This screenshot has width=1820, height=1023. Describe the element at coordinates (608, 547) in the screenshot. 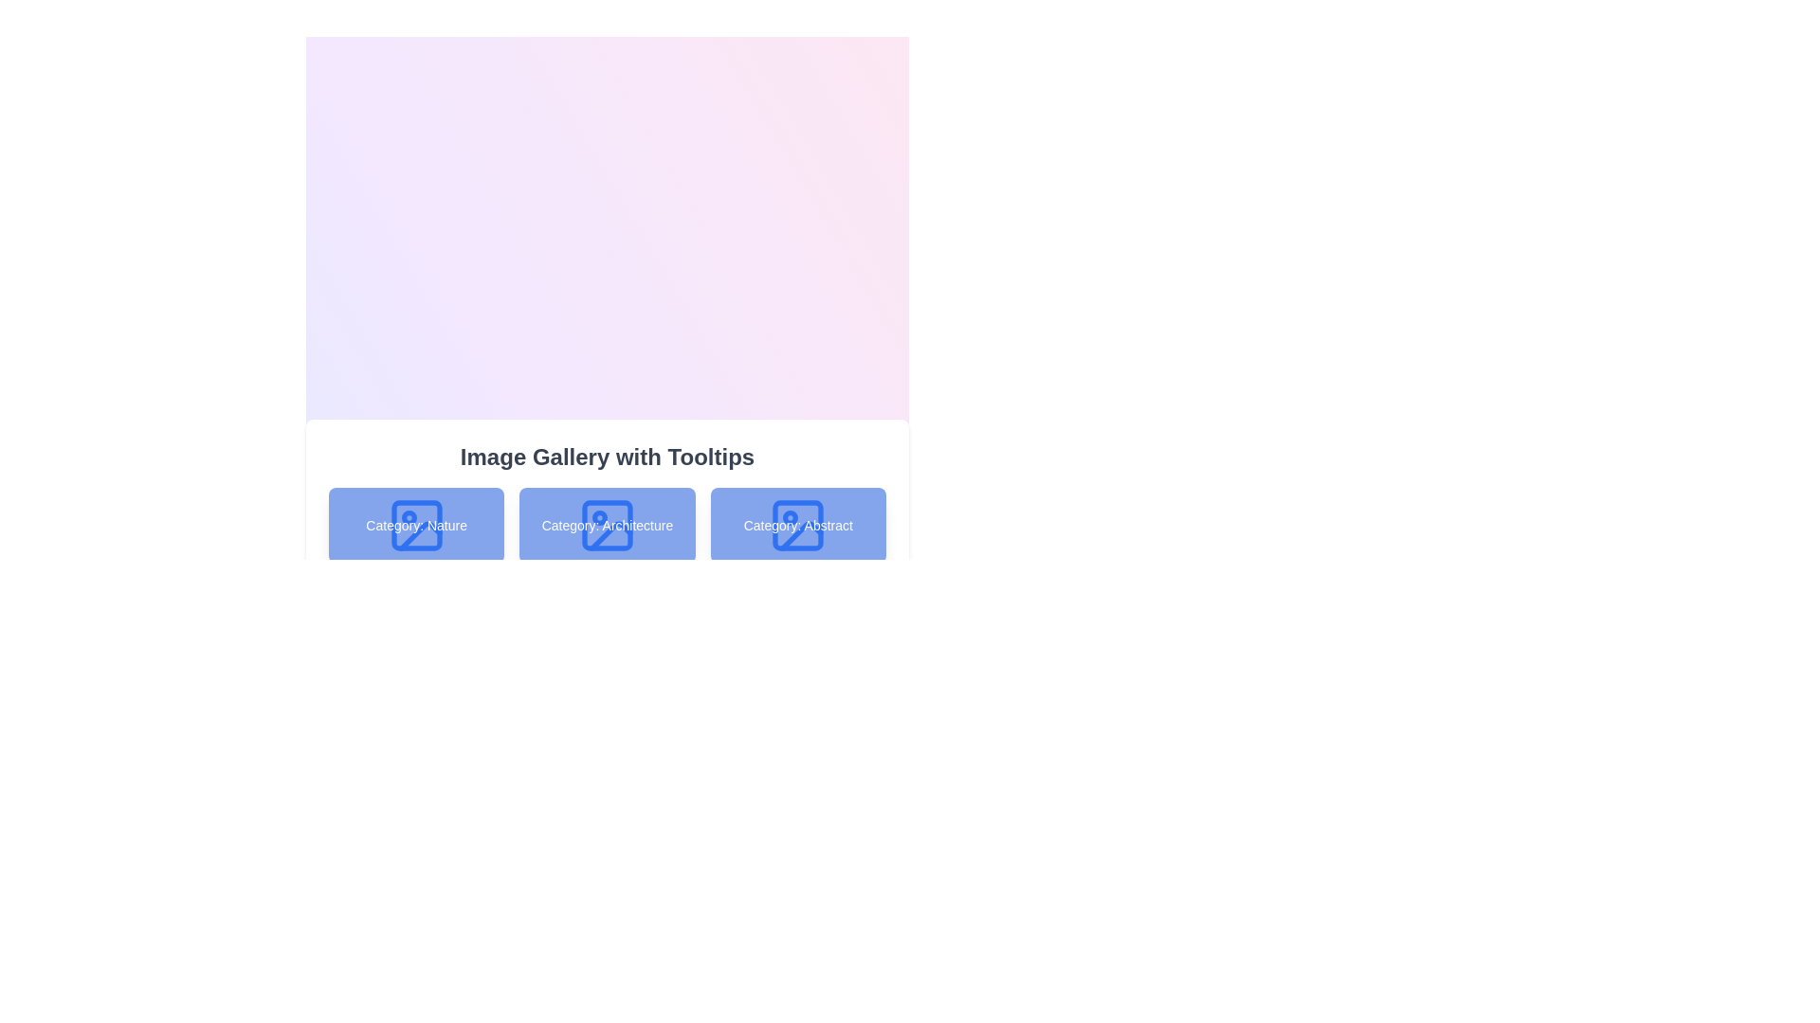

I see `the Architecture Card Item` at that location.